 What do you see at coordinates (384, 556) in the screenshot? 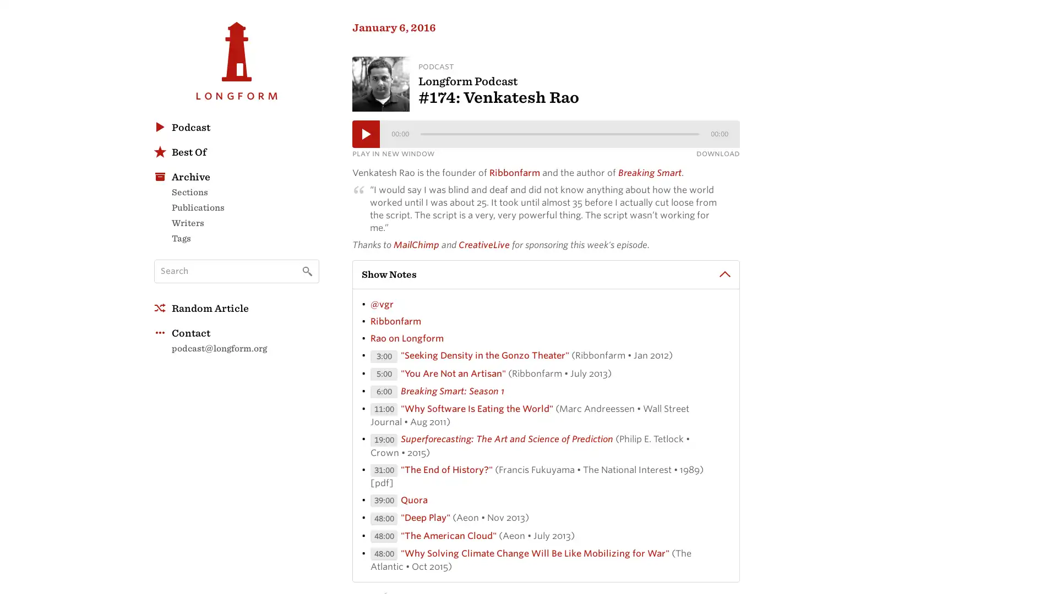
I see `48:00` at bounding box center [384, 556].